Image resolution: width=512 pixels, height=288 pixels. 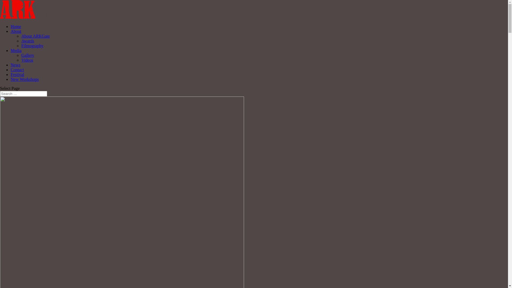 I want to click on 'Home', so click(x=16, y=26).